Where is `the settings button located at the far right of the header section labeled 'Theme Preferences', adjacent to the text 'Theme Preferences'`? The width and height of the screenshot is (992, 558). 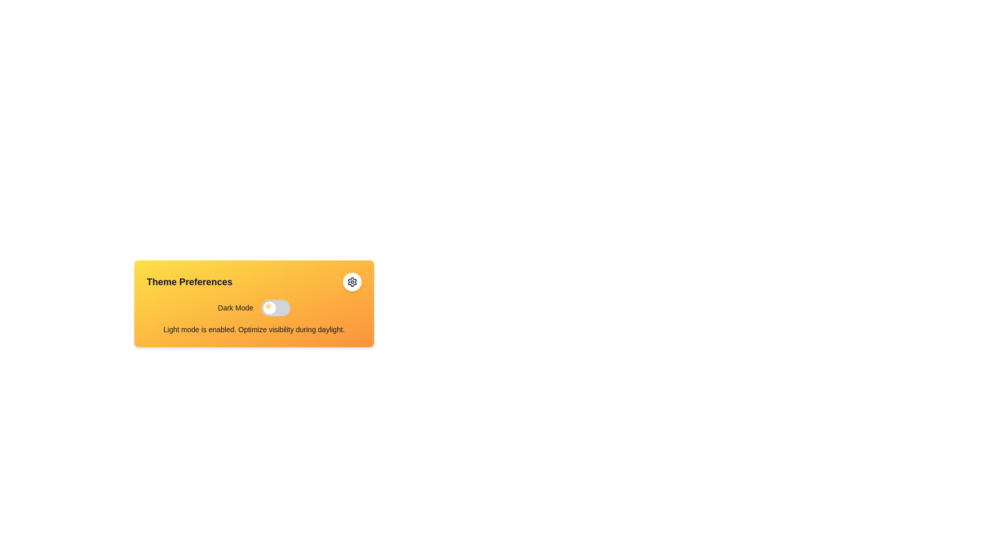 the settings button located at the far right of the header section labeled 'Theme Preferences', adjacent to the text 'Theme Preferences' is located at coordinates (352, 282).